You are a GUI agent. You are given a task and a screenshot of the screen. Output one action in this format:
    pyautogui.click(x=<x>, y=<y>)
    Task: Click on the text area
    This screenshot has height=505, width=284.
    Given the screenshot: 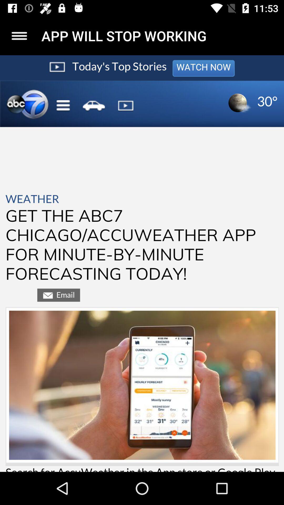 What is the action you would take?
    pyautogui.click(x=142, y=264)
    